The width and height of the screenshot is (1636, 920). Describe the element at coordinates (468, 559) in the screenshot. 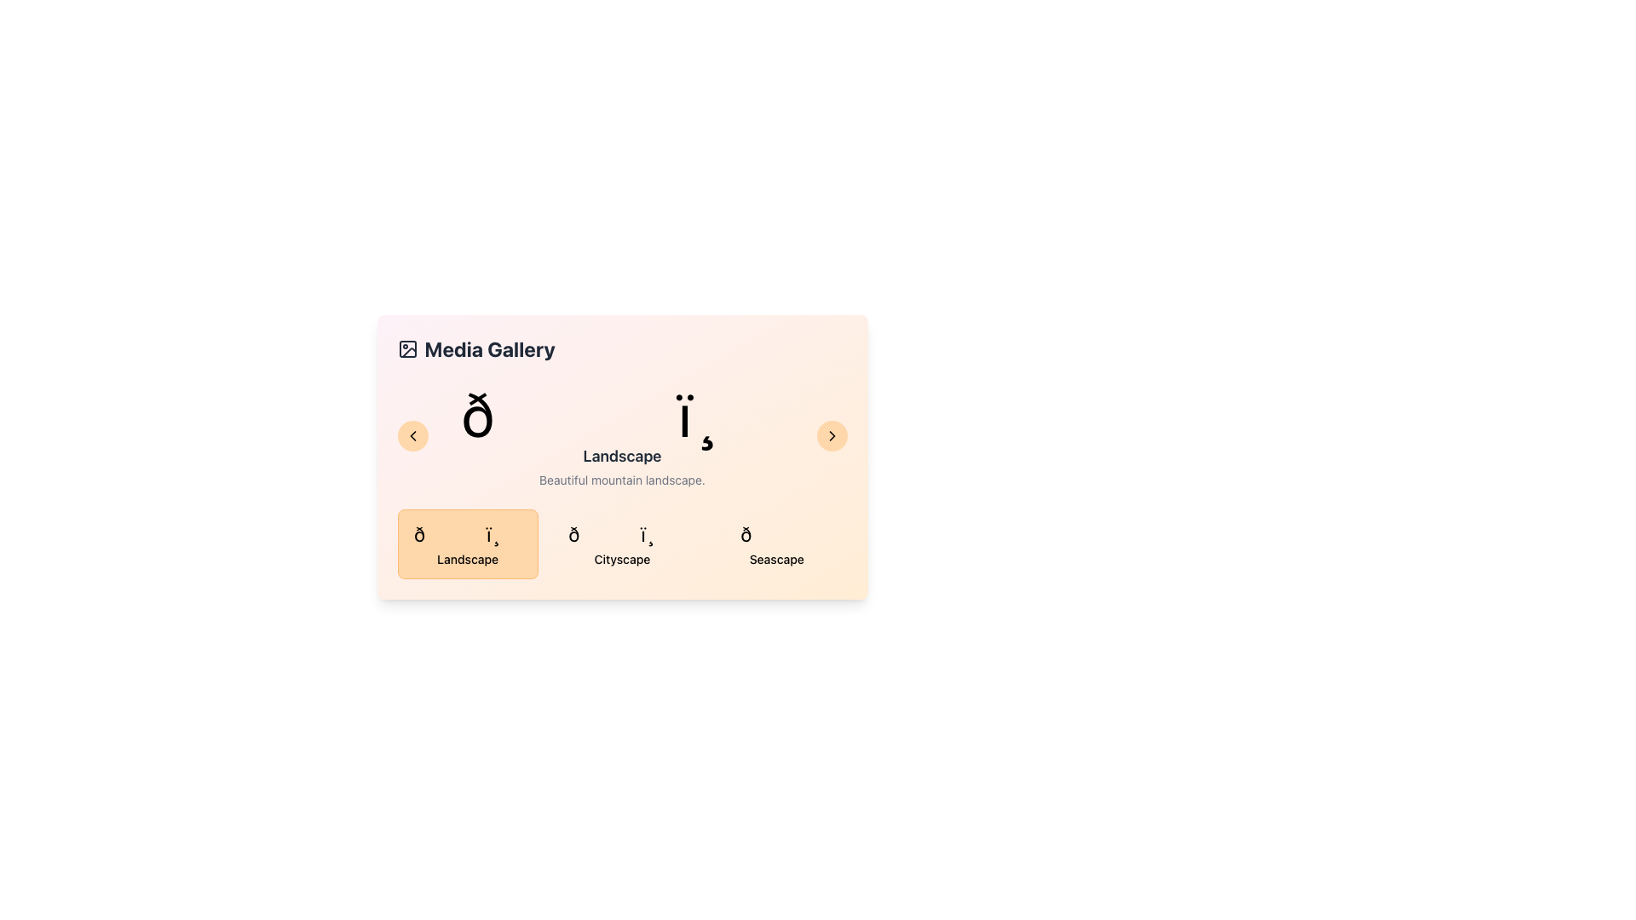

I see `the first button in the horizontal row of buttons in the 'Media Gallery' interface, which is identified by the text label in the lower half of the button` at that location.